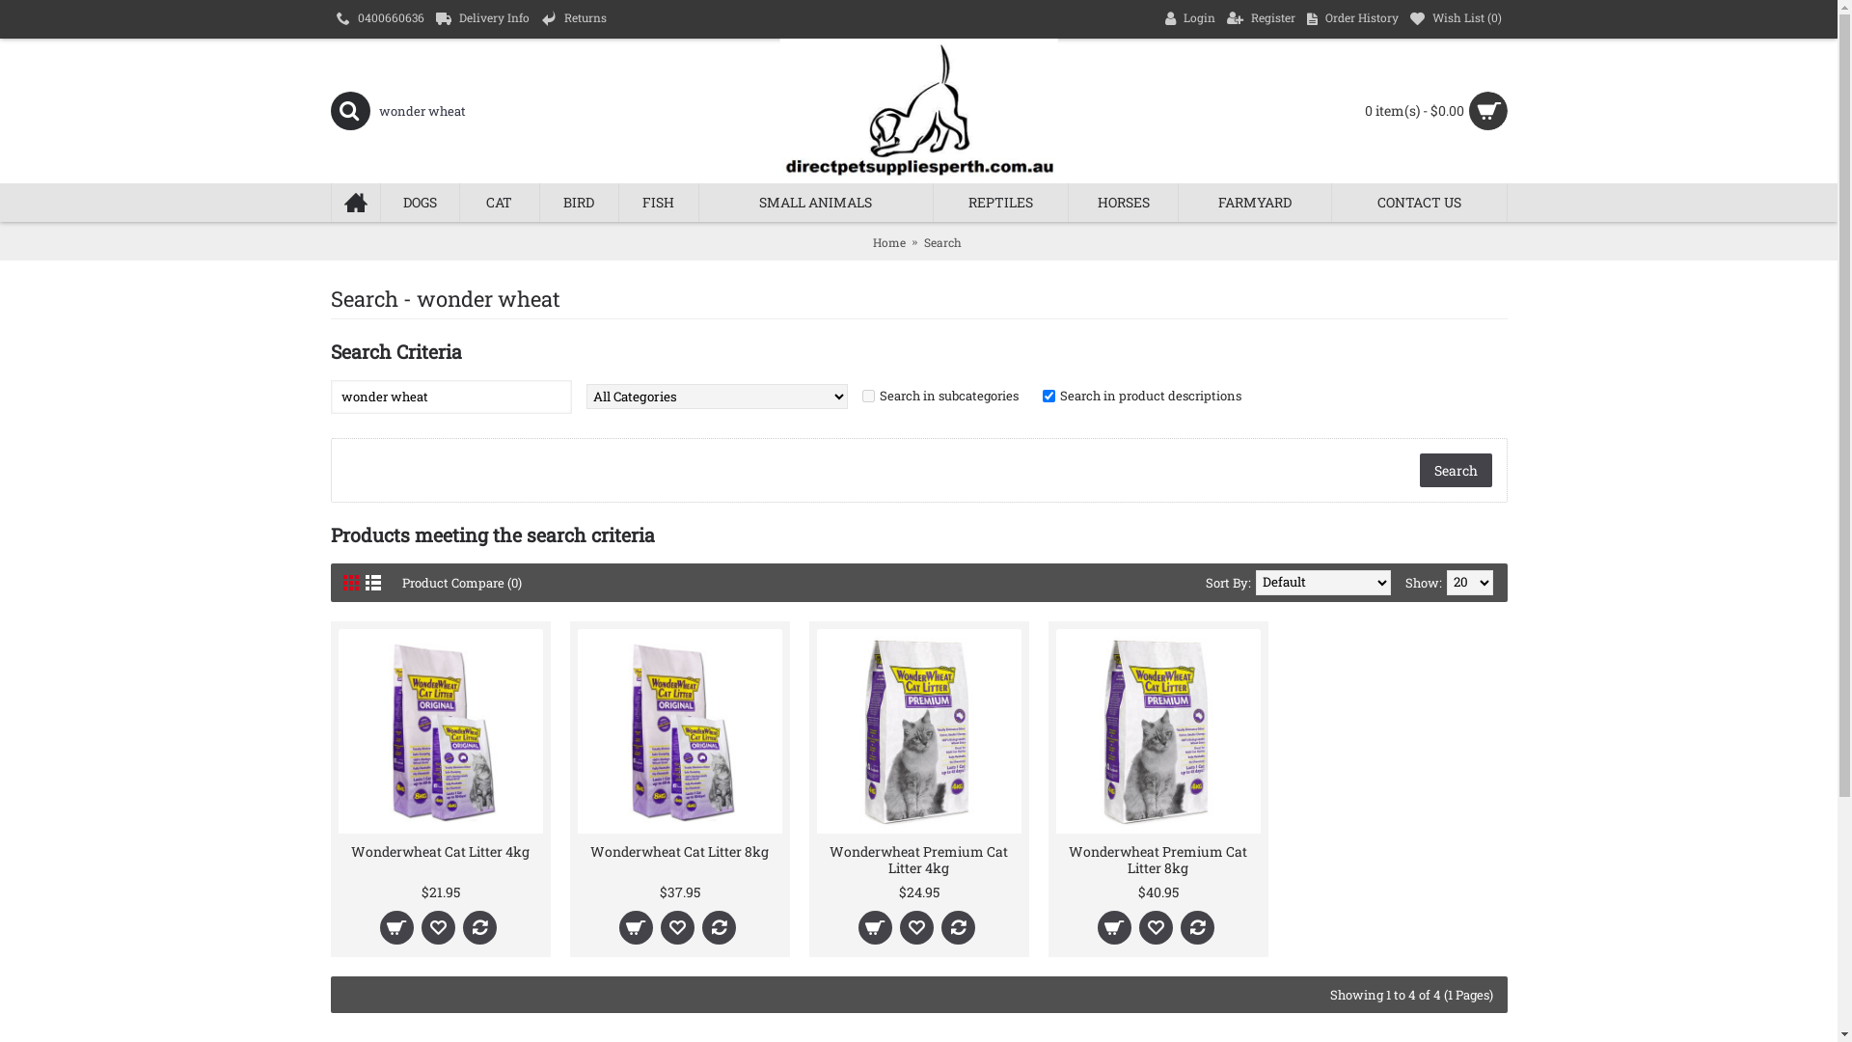 This screenshot has height=1042, width=1852. What do you see at coordinates (419, 202) in the screenshot?
I see `'DOGS'` at bounding box center [419, 202].